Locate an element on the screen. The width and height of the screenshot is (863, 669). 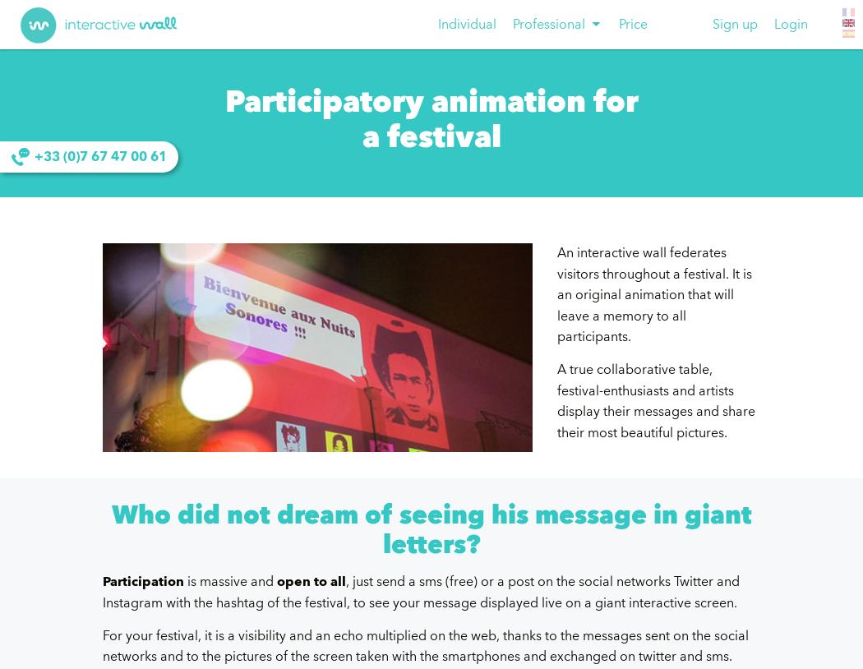
'An interactive wall federates visitors throughout a festival. It is an original animation that will leave a memory to all participants.' is located at coordinates (556, 294).